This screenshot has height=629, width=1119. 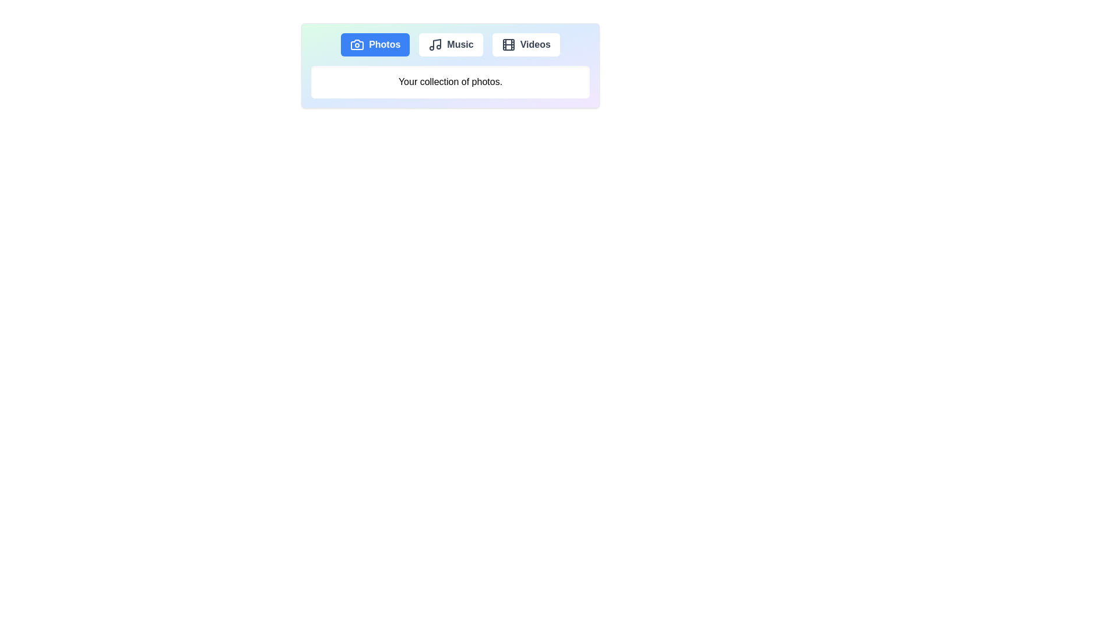 I want to click on the navigation button for video content, so click(x=525, y=44).